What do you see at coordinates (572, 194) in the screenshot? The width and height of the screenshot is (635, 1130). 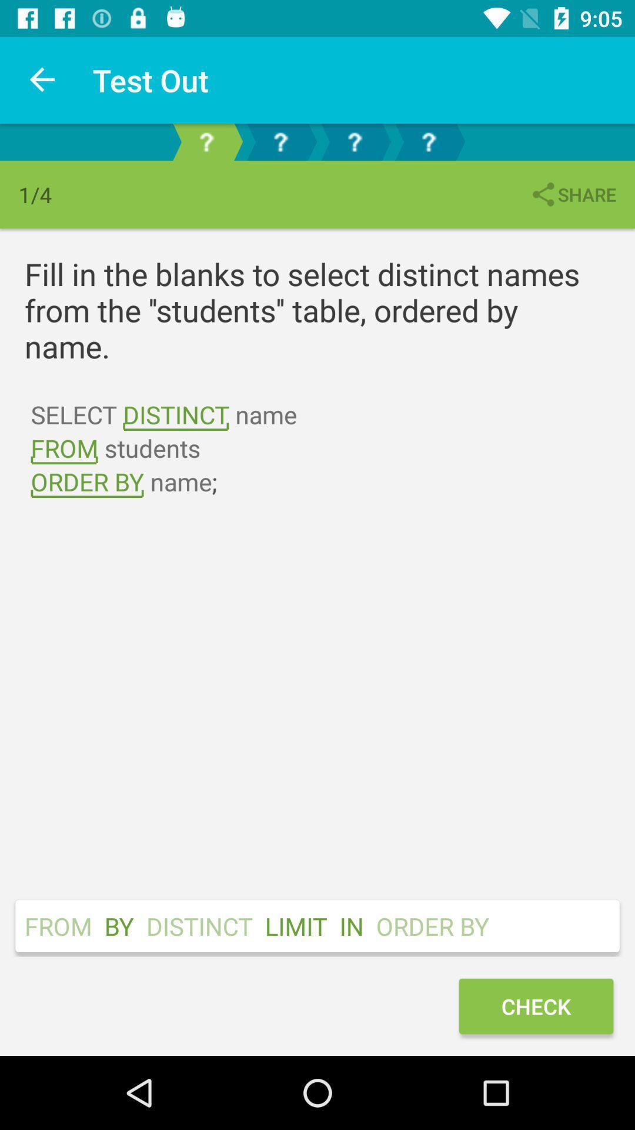 I see `share icon` at bounding box center [572, 194].